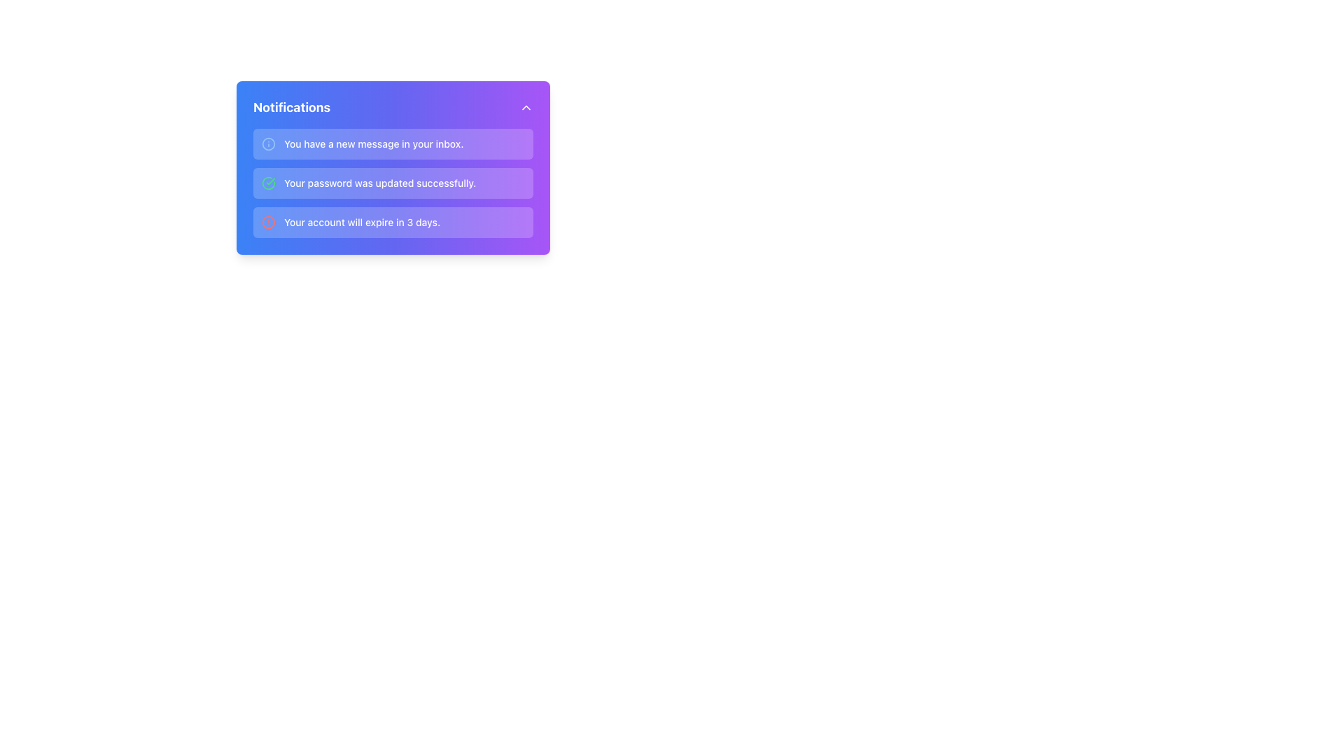 This screenshot has width=1344, height=756. Describe the element at coordinates (269, 143) in the screenshot. I see `the information indicator icon located to the left of the message 'You have a new message in your inbox.'` at that location.